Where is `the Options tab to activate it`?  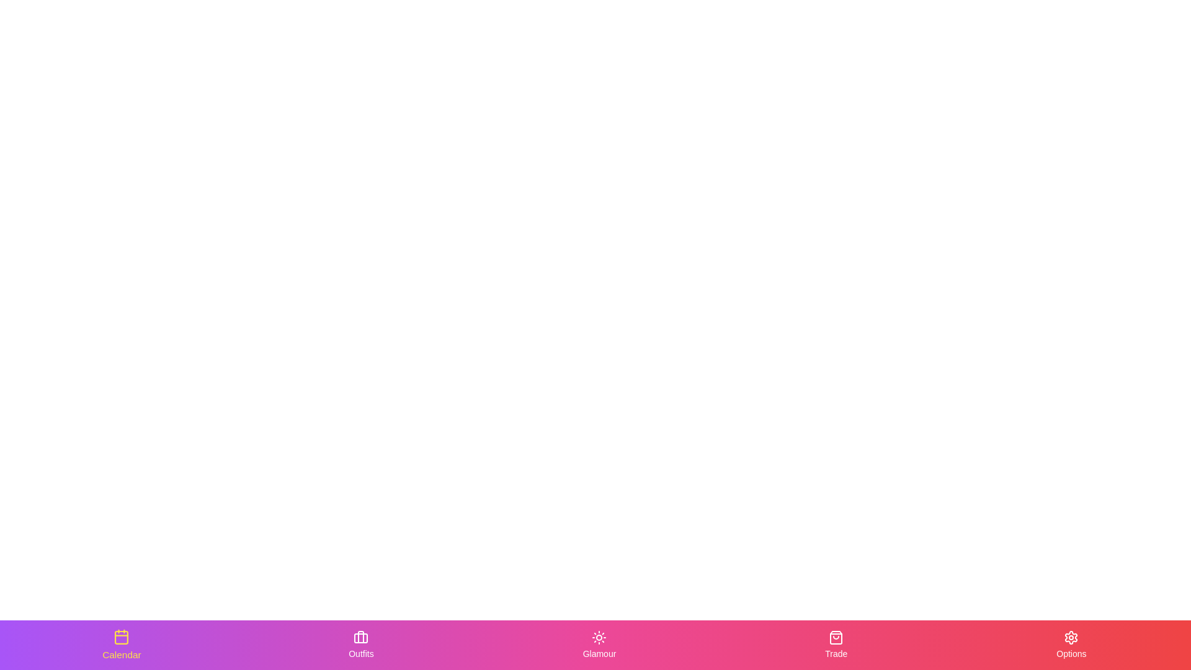
the Options tab to activate it is located at coordinates (1071, 645).